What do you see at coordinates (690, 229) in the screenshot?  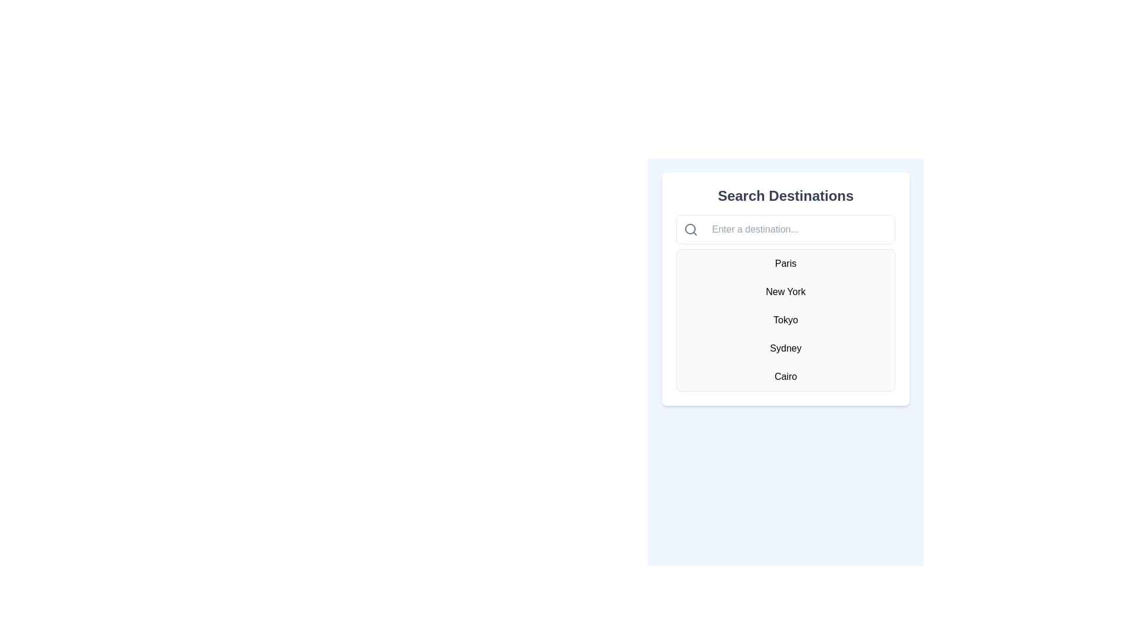 I see `the gray search icon, which is styled as a magnifying glass and positioned at the far-left side of the input box` at bounding box center [690, 229].